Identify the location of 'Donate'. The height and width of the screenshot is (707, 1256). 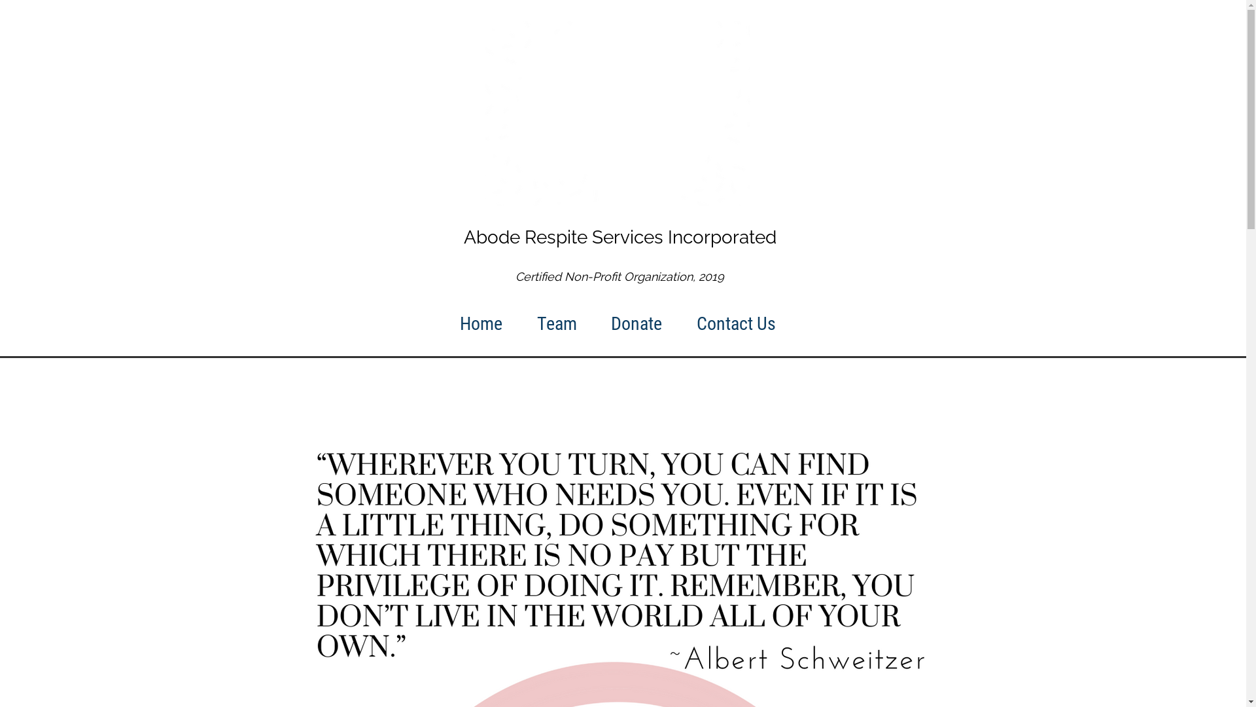
(637, 323).